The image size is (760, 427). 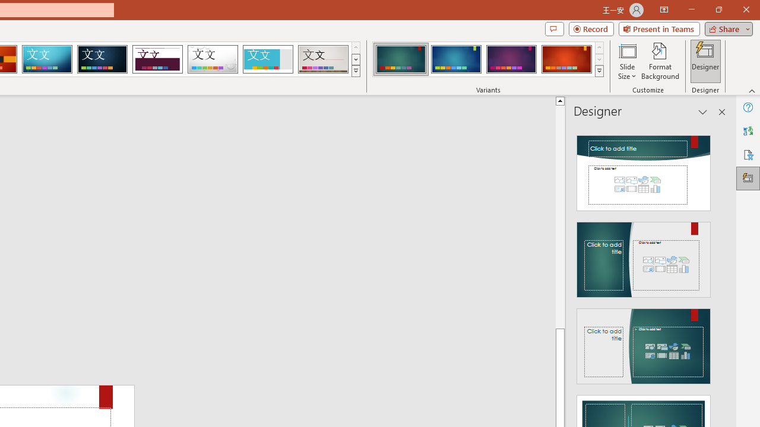 I want to click on 'Damask', so click(x=102, y=59).